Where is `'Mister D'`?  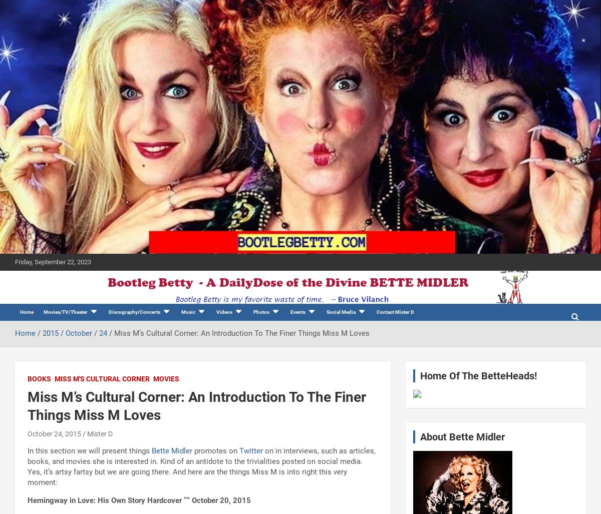 'Mister D' is located at coordinates (87, 433).